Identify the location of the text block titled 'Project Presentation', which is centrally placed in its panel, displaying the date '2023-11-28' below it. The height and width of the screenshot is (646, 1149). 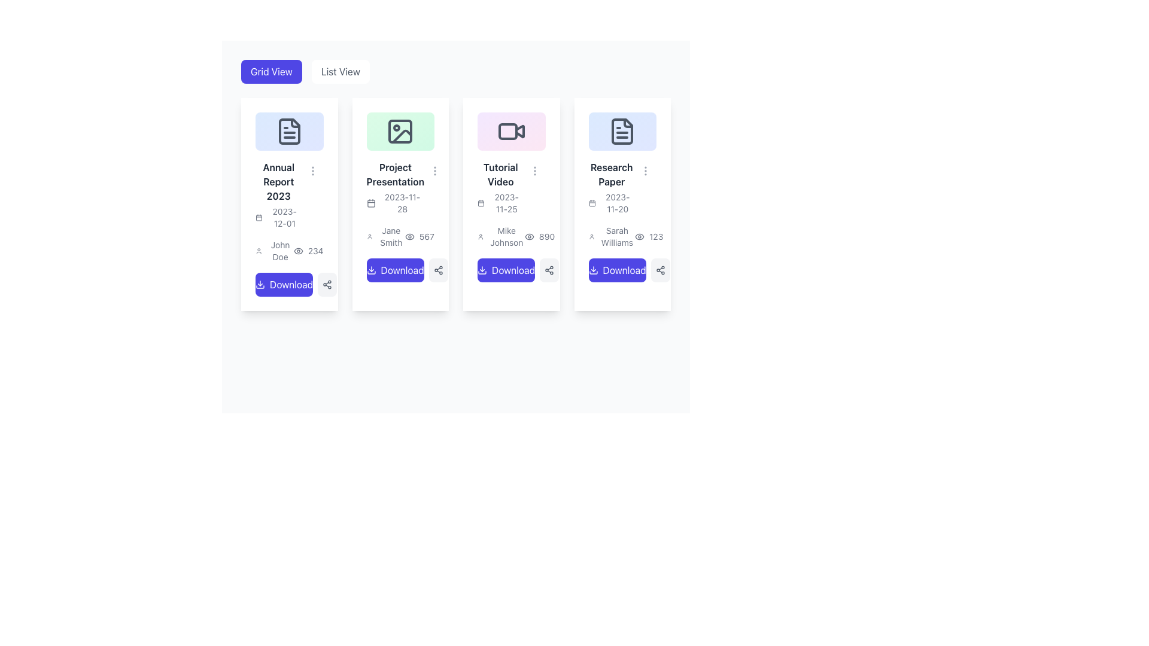
(400, 187).